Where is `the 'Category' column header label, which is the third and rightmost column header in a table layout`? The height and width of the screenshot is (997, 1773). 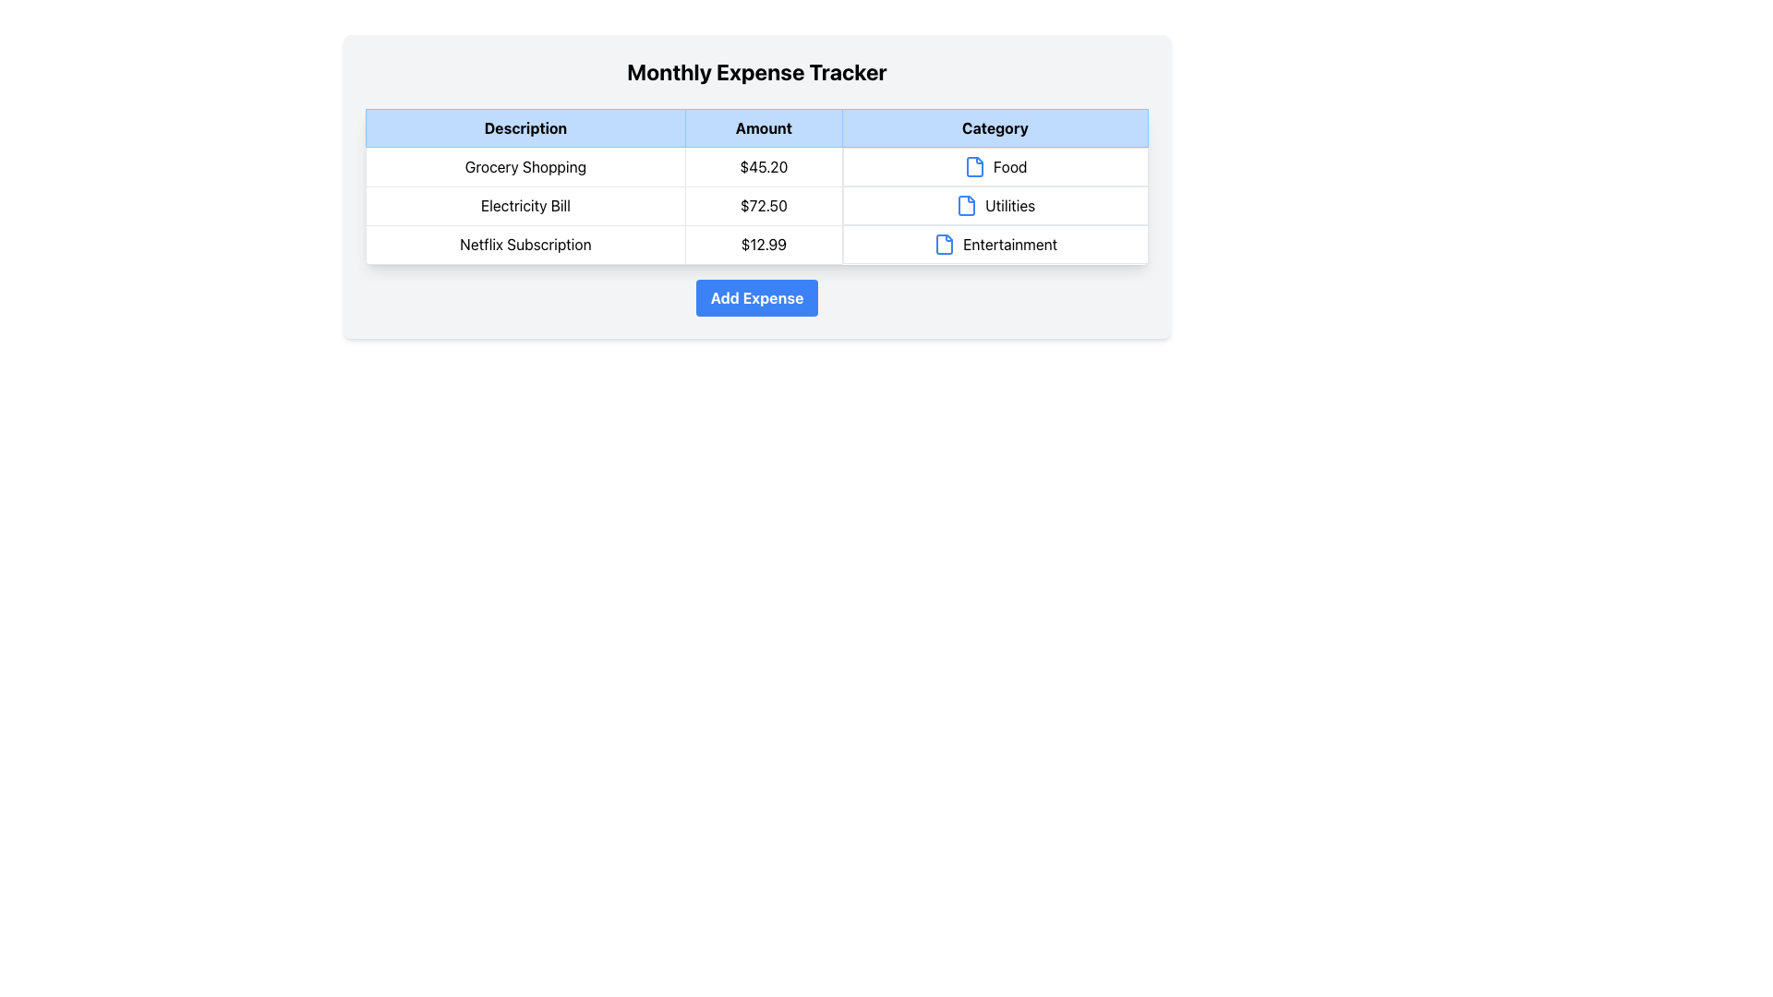 the 'Category' column header label, which is the third and rightmost column header in a table layout is located at coordinates (994, 126).